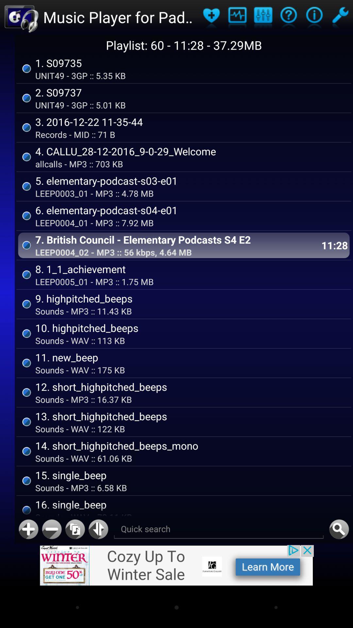 The height and width of the screenshot is (628, 353). Describe the element at coordinates (51, 529) in the screenshot. I see `zoom out icon` at that location.